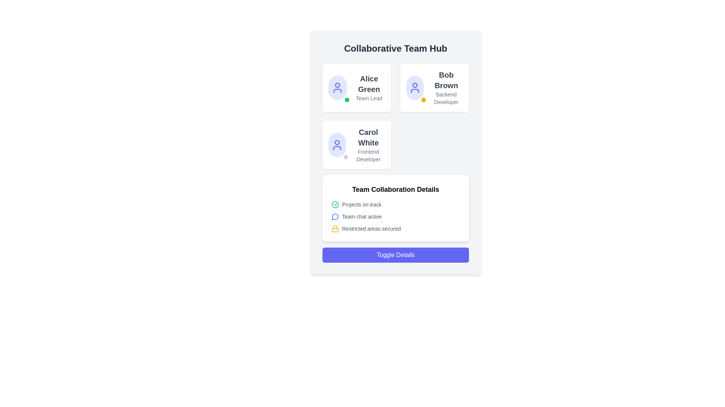 The height and width of the screenshot is (407, 725). I want to click on the text element that represents the name of the individual in the profile card, located in the second row, first column of the 'Collaborative Team Hub' section, so click(368, 138).